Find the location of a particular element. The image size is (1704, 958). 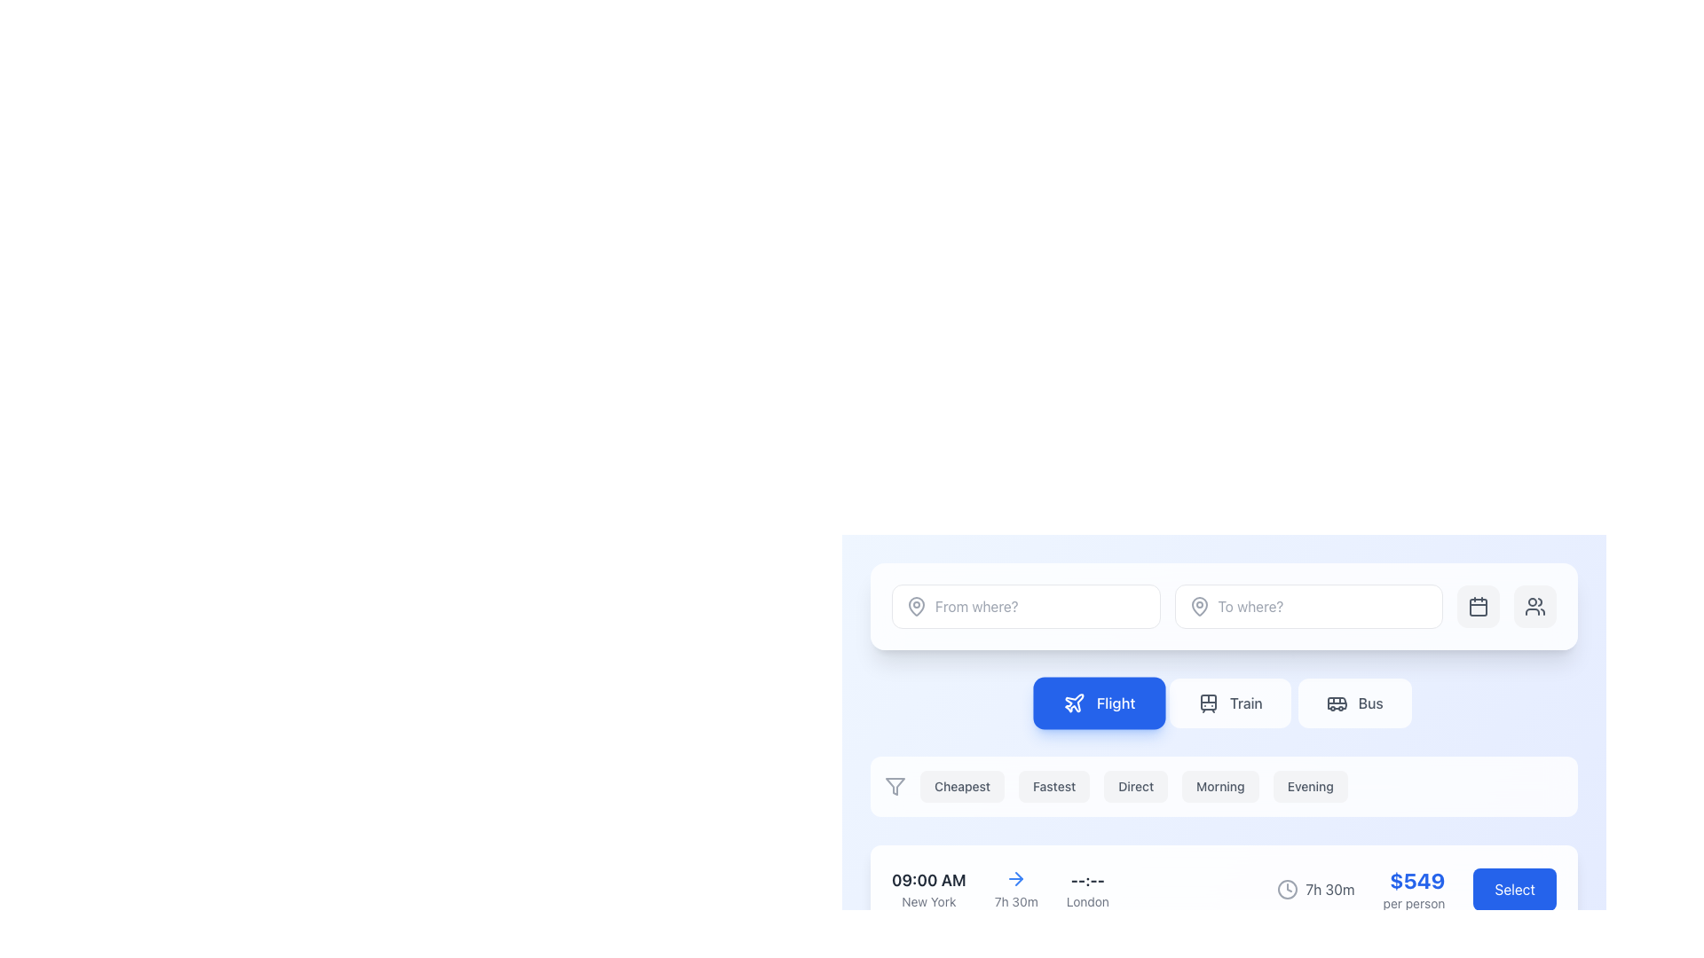

the 'Direct' button in the horizontal list of selectable buttons is located at coordinates (1136, 786).